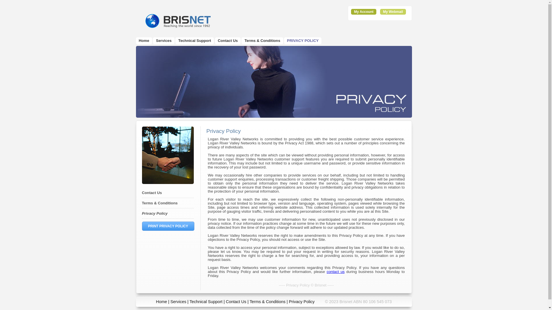 Image resolution: width=552 pixels, height=310 pixels. What do you see at coordinates (178, 301) in the screenshot?
I see `'Services'` at bounding box center [178, 301].